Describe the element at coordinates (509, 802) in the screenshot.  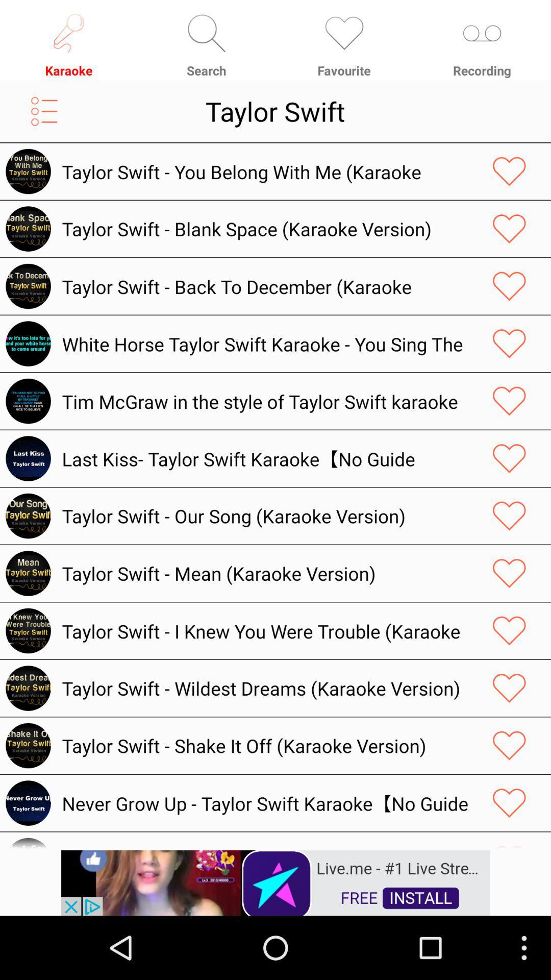
I see `like the song` at that location.